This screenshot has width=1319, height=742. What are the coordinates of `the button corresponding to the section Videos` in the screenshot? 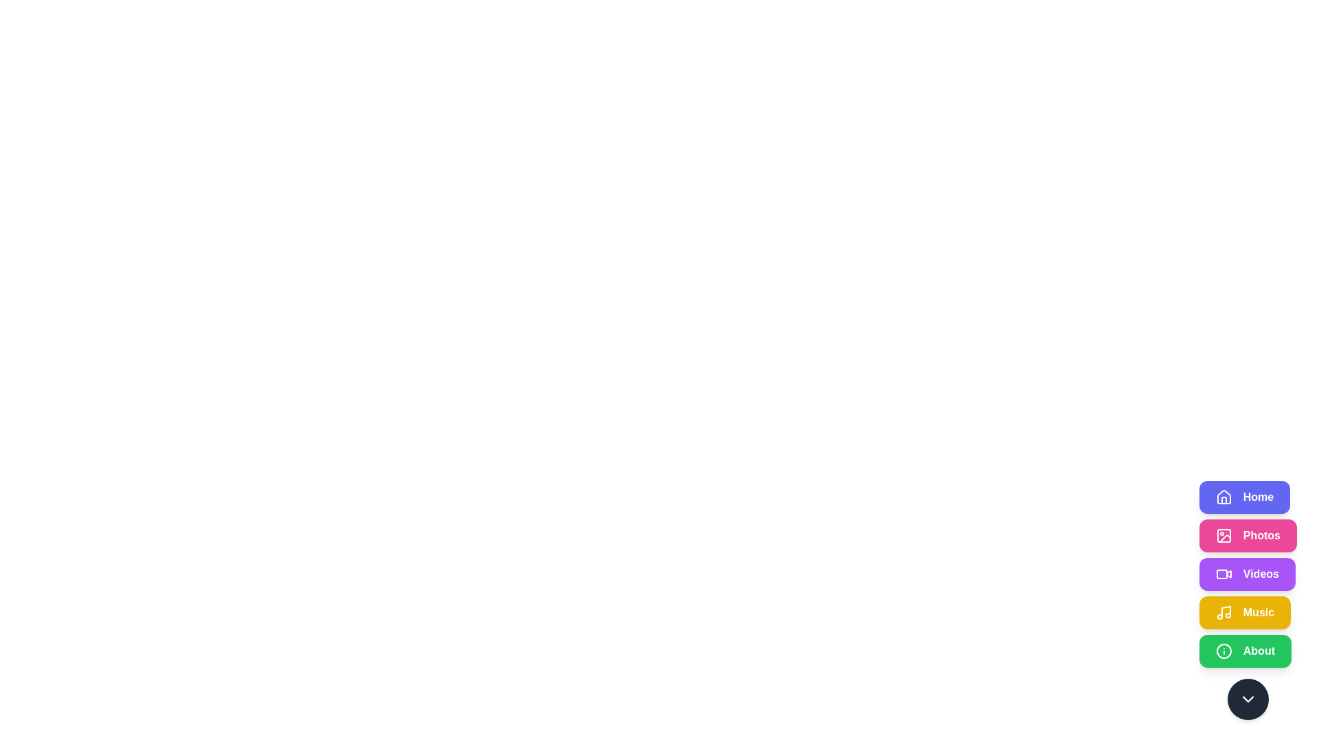 It's located at (1246, 574).